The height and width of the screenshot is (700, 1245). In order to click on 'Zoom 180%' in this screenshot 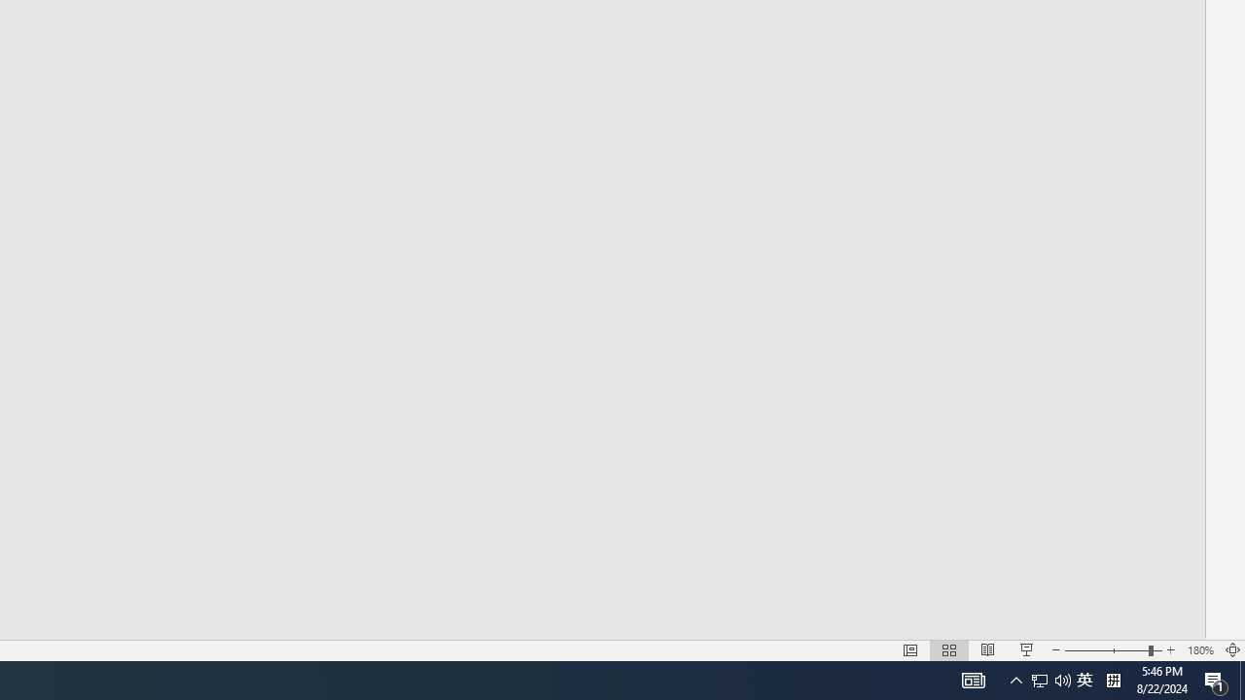, I will do `click(1199, 650)`.